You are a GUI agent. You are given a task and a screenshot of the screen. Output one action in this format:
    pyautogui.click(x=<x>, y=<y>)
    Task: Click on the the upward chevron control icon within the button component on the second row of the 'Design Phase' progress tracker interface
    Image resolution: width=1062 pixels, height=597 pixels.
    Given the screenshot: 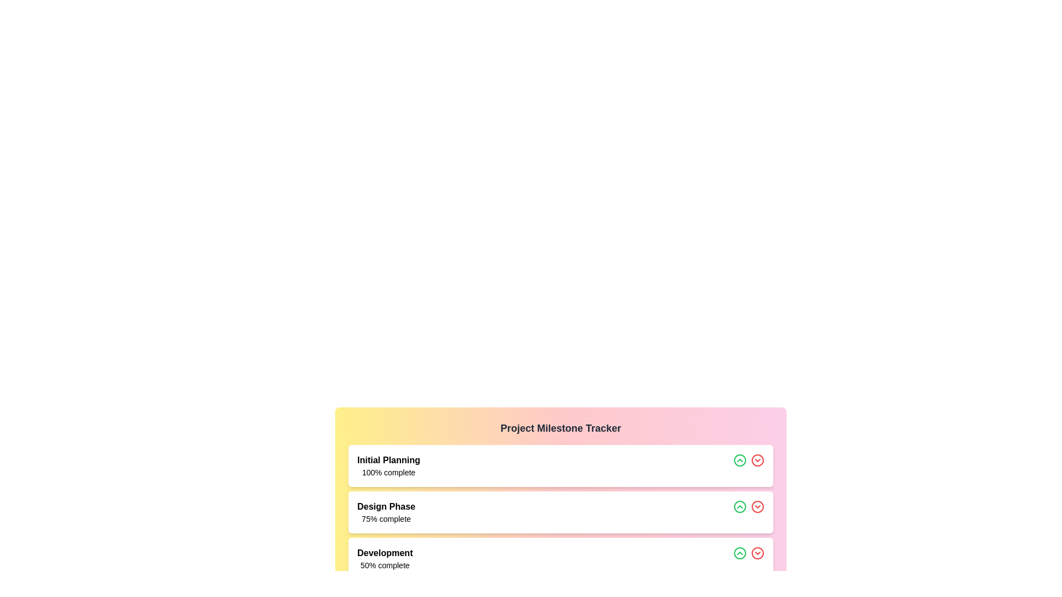 What is the action you would take?
    pyautogui.click(x=740, y=460)
    